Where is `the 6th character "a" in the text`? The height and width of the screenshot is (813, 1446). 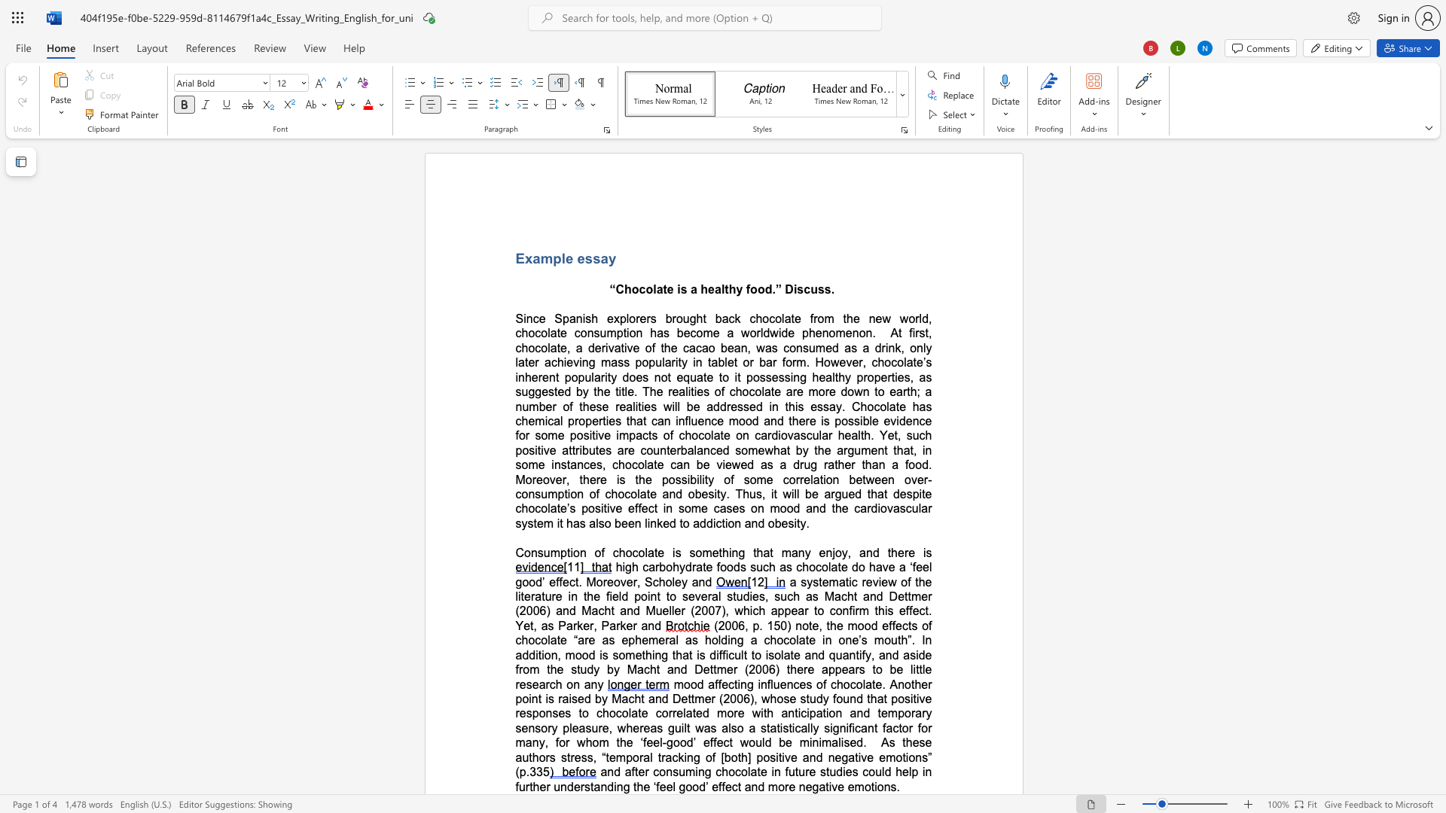
the 6th character "a" in the text is located at coordinates (899, 391).